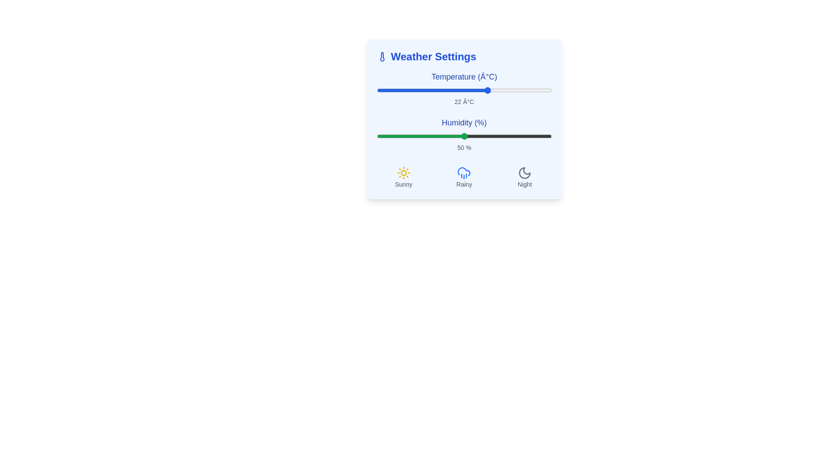 Image resolution: width=839 pixels, height=472 pixels. I want to click on the blue '%' text symbol, which is aligned with the 'Humidity (%)' label in the weather settings box, so click(480, 123).